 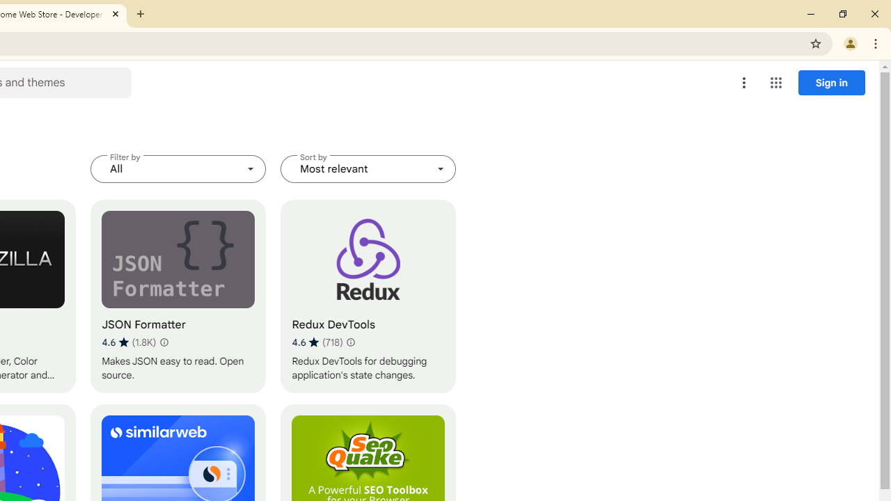 What do you see at coordinates (129, 342) in the screenshot?
I see `'Average rating 4.6 out of 5 stars. 1.8K ratings.'` at bounding box center [129, 342].